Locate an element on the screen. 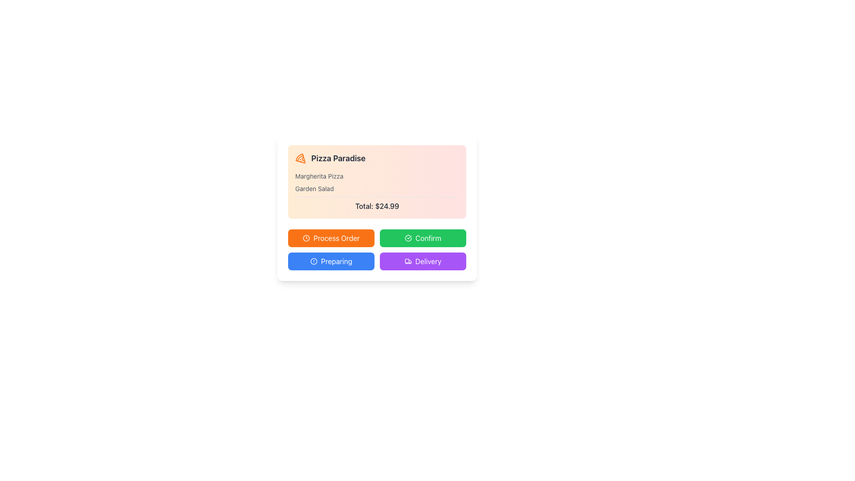 The width and height of the screenshot is (855, 481). the text label indicating the menu item's name, located below 'Pizza Paradise' and above 'Garden Salad', within the upper-middle portion of the interface is located at coordinates (319, 176).